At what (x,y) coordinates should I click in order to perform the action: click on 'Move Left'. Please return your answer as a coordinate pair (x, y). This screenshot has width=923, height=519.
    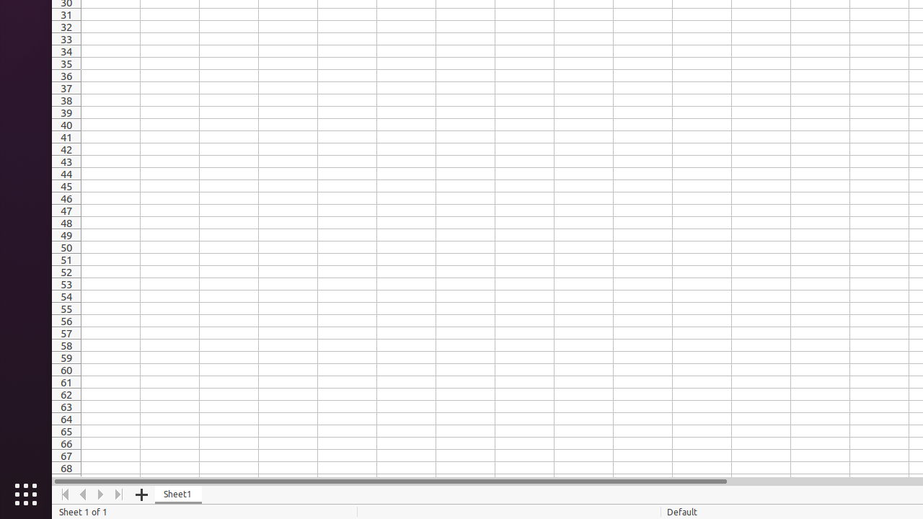
    Looking at the image, I should click on (82, 494).